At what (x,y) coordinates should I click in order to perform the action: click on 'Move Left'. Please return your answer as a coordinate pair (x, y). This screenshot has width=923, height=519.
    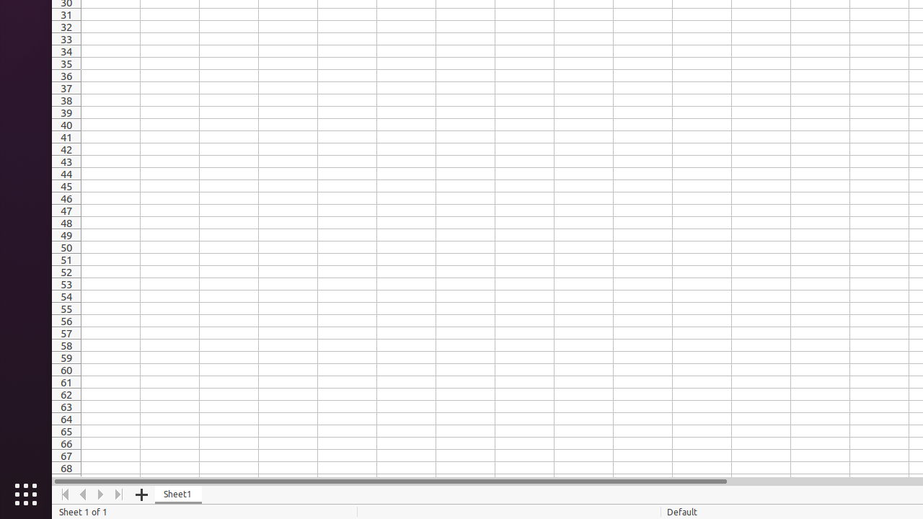
    Looking at the image, I should click on (82, 494).